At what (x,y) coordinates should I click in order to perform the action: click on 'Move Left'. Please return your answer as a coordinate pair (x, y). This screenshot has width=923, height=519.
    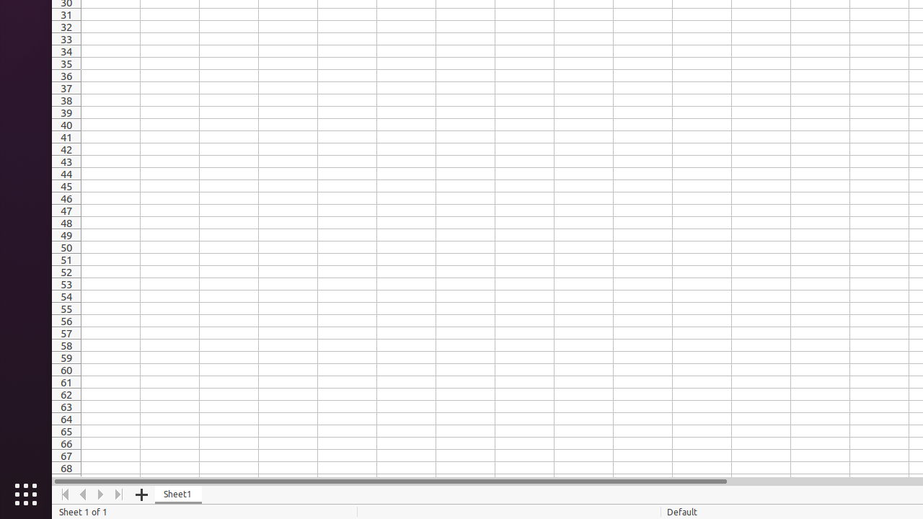
    Looking at the image, I should click on (82, 494).